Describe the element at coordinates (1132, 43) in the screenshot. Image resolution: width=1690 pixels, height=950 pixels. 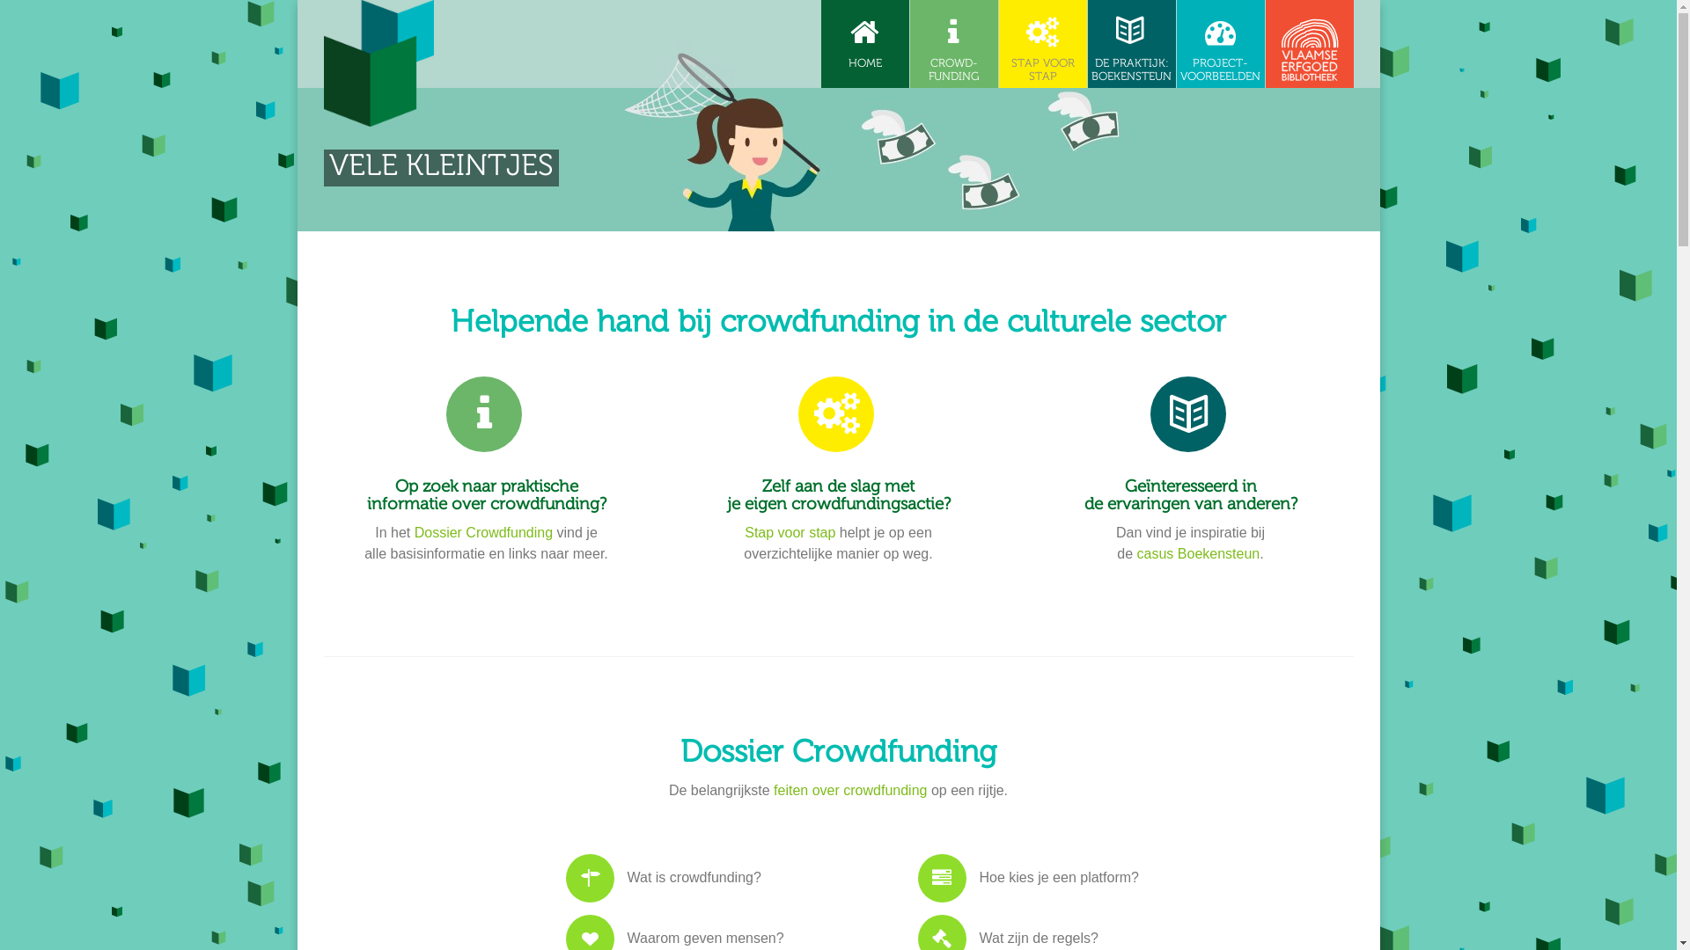
I see `'DE PRAKTIJK: BOEKENSTEUN'` at that location.